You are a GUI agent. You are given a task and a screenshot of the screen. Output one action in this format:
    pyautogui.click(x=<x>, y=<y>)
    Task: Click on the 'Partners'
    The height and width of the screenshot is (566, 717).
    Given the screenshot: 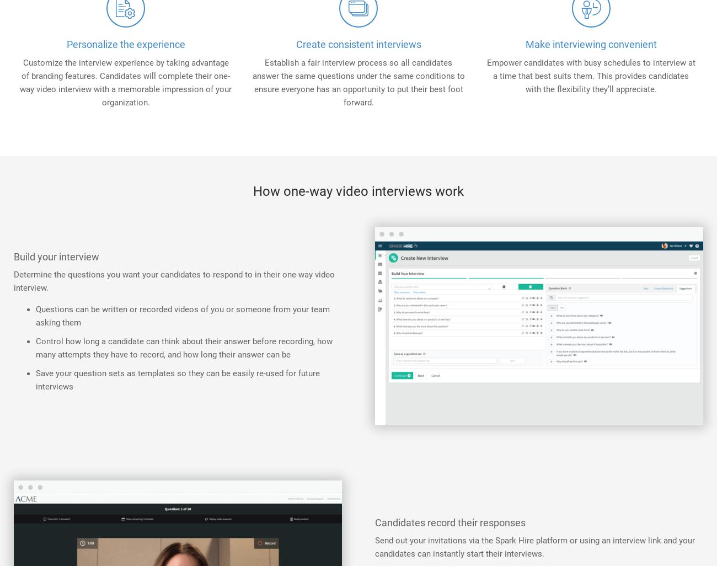 What is the action you would take?
    pyautogui.click(x=29, y=103)
    